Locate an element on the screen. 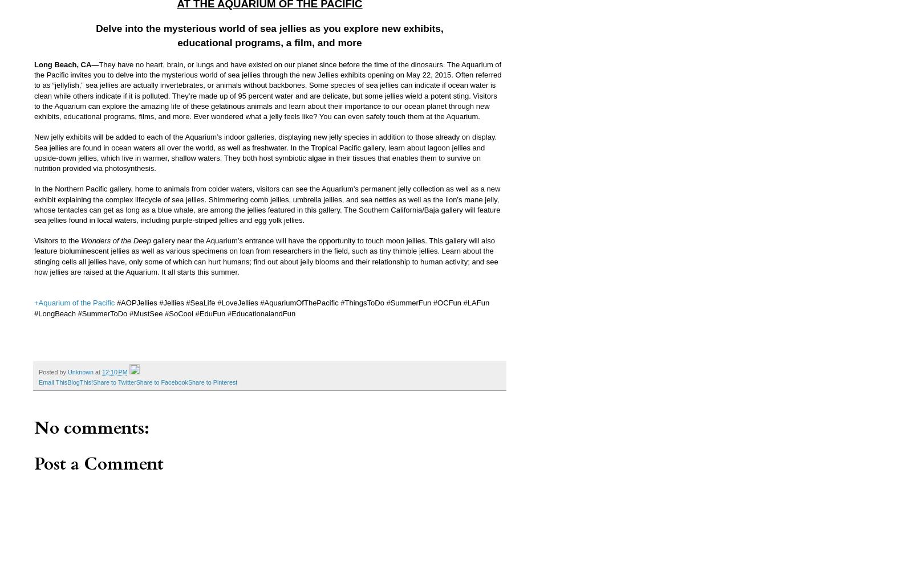 This screenshot has height=567, width=917. '12:10 PM' is located at coordinates (114, 372).